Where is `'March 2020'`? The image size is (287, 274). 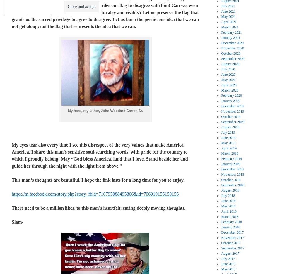 'March 2020' is located at coordinates (221, 90).